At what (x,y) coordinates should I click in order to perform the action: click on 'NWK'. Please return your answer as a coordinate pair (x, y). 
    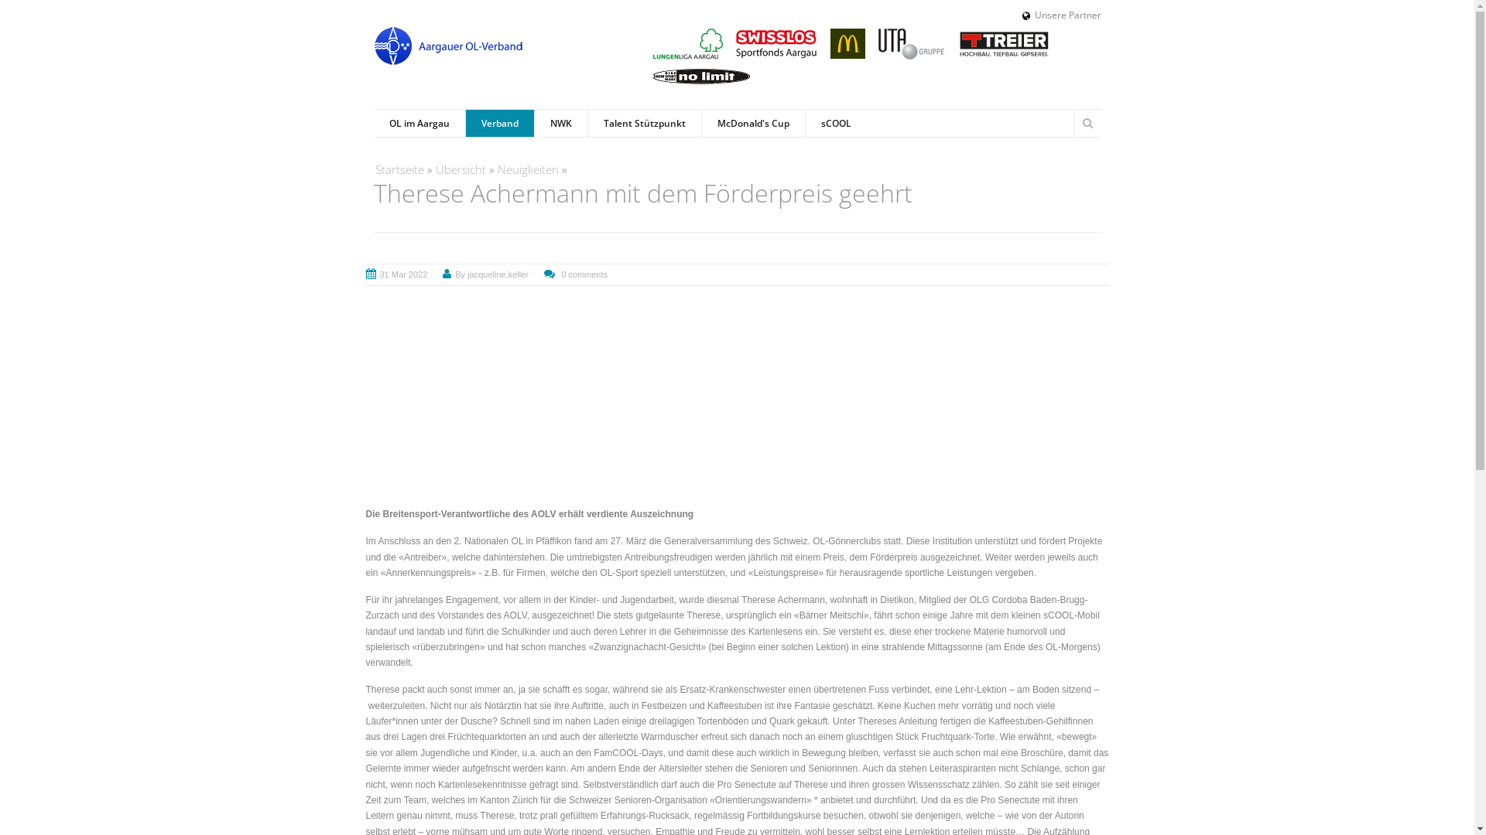
    Looking at the image, I should click on (560, 122).